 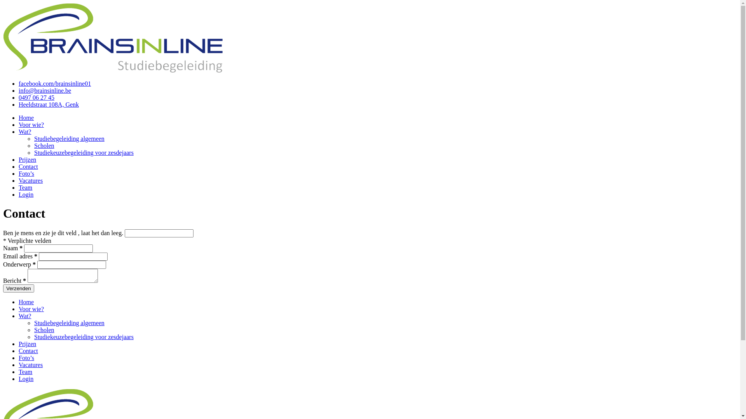 What do you see at coordinates (28, 166) in the screenshot?
I see `'Contact'` at bounding box center [28, 166].